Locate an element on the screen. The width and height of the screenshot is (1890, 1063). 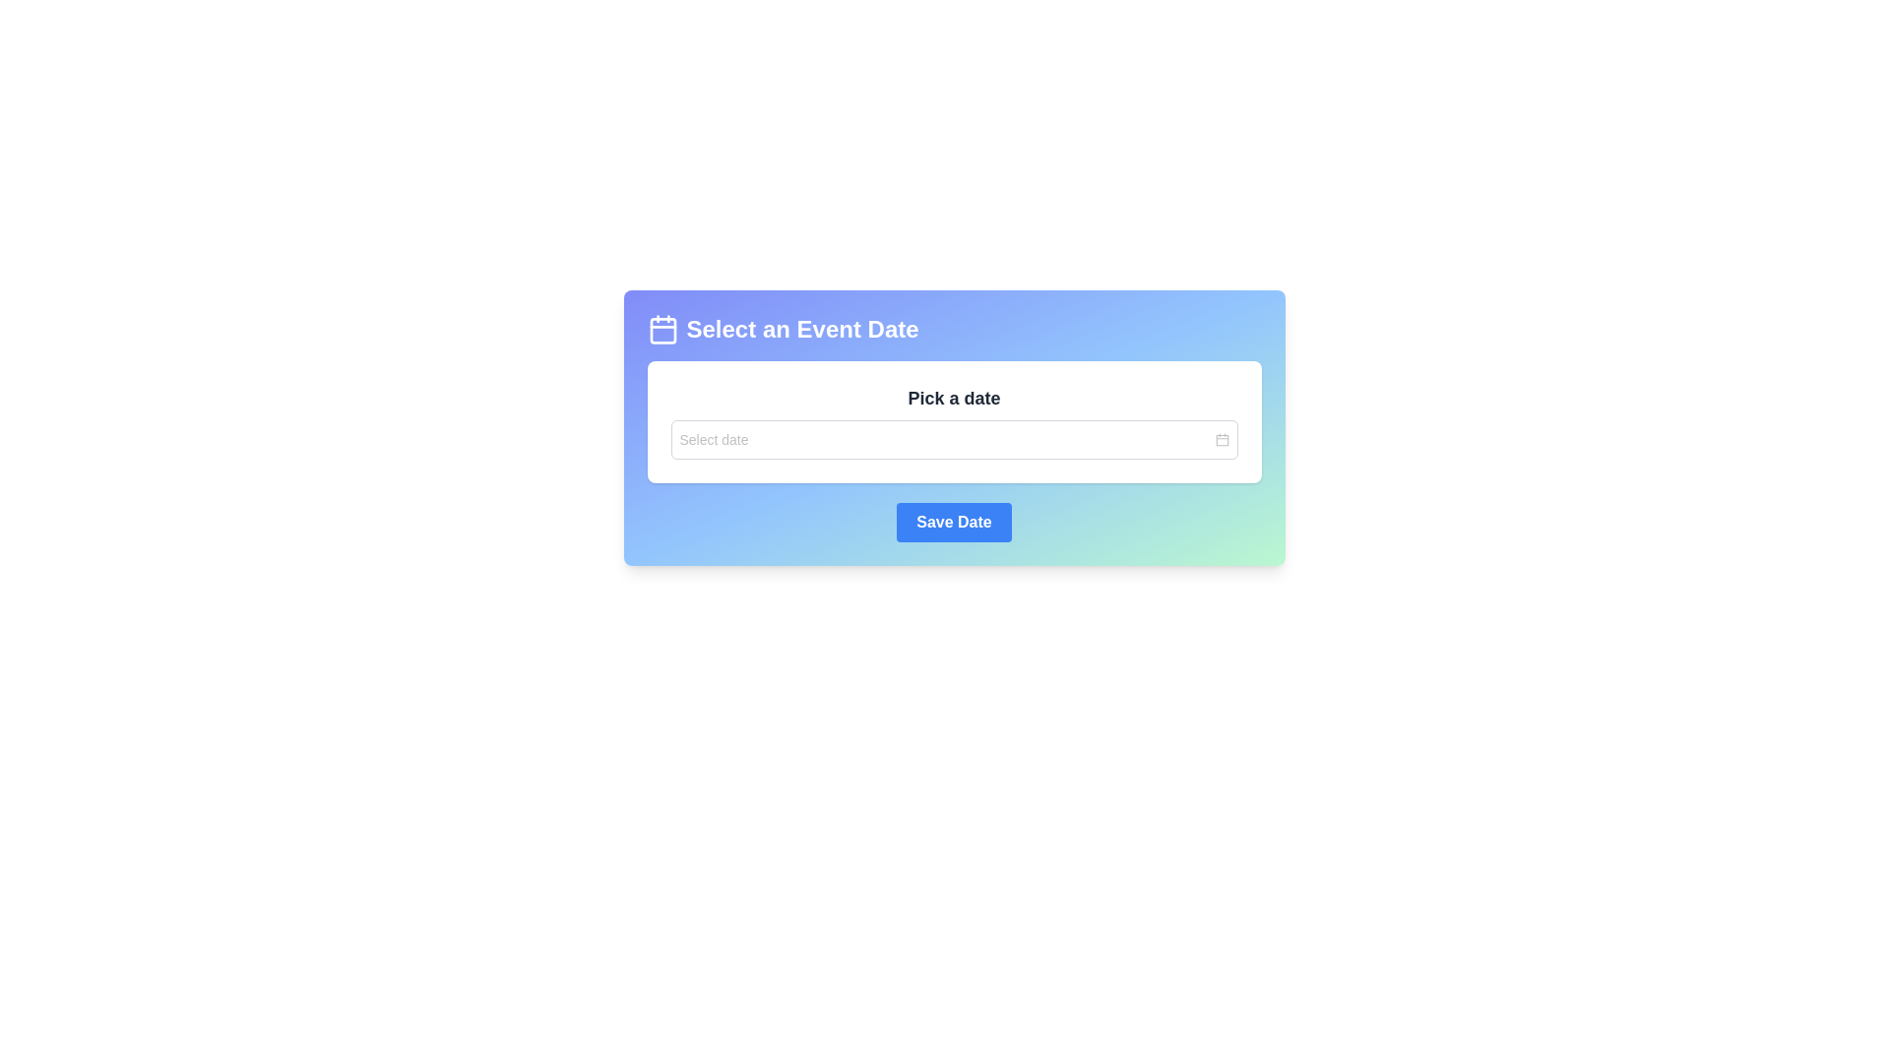
the calendar icon, which is styled with a white outline on a blue background and is located to the left of the header text 'Select an Event Date' is located at coordinates (662, 329).